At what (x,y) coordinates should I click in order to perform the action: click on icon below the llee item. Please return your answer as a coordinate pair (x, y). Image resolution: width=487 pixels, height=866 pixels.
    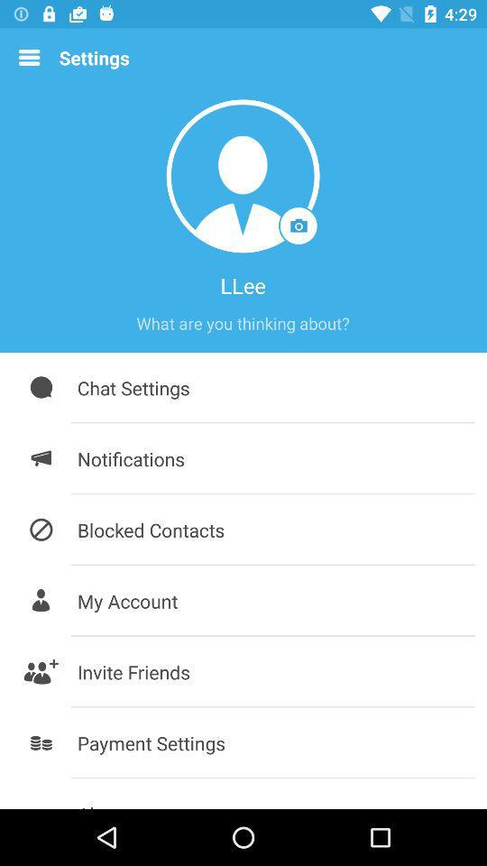
    Looking at the image, I should click on (243, 323).